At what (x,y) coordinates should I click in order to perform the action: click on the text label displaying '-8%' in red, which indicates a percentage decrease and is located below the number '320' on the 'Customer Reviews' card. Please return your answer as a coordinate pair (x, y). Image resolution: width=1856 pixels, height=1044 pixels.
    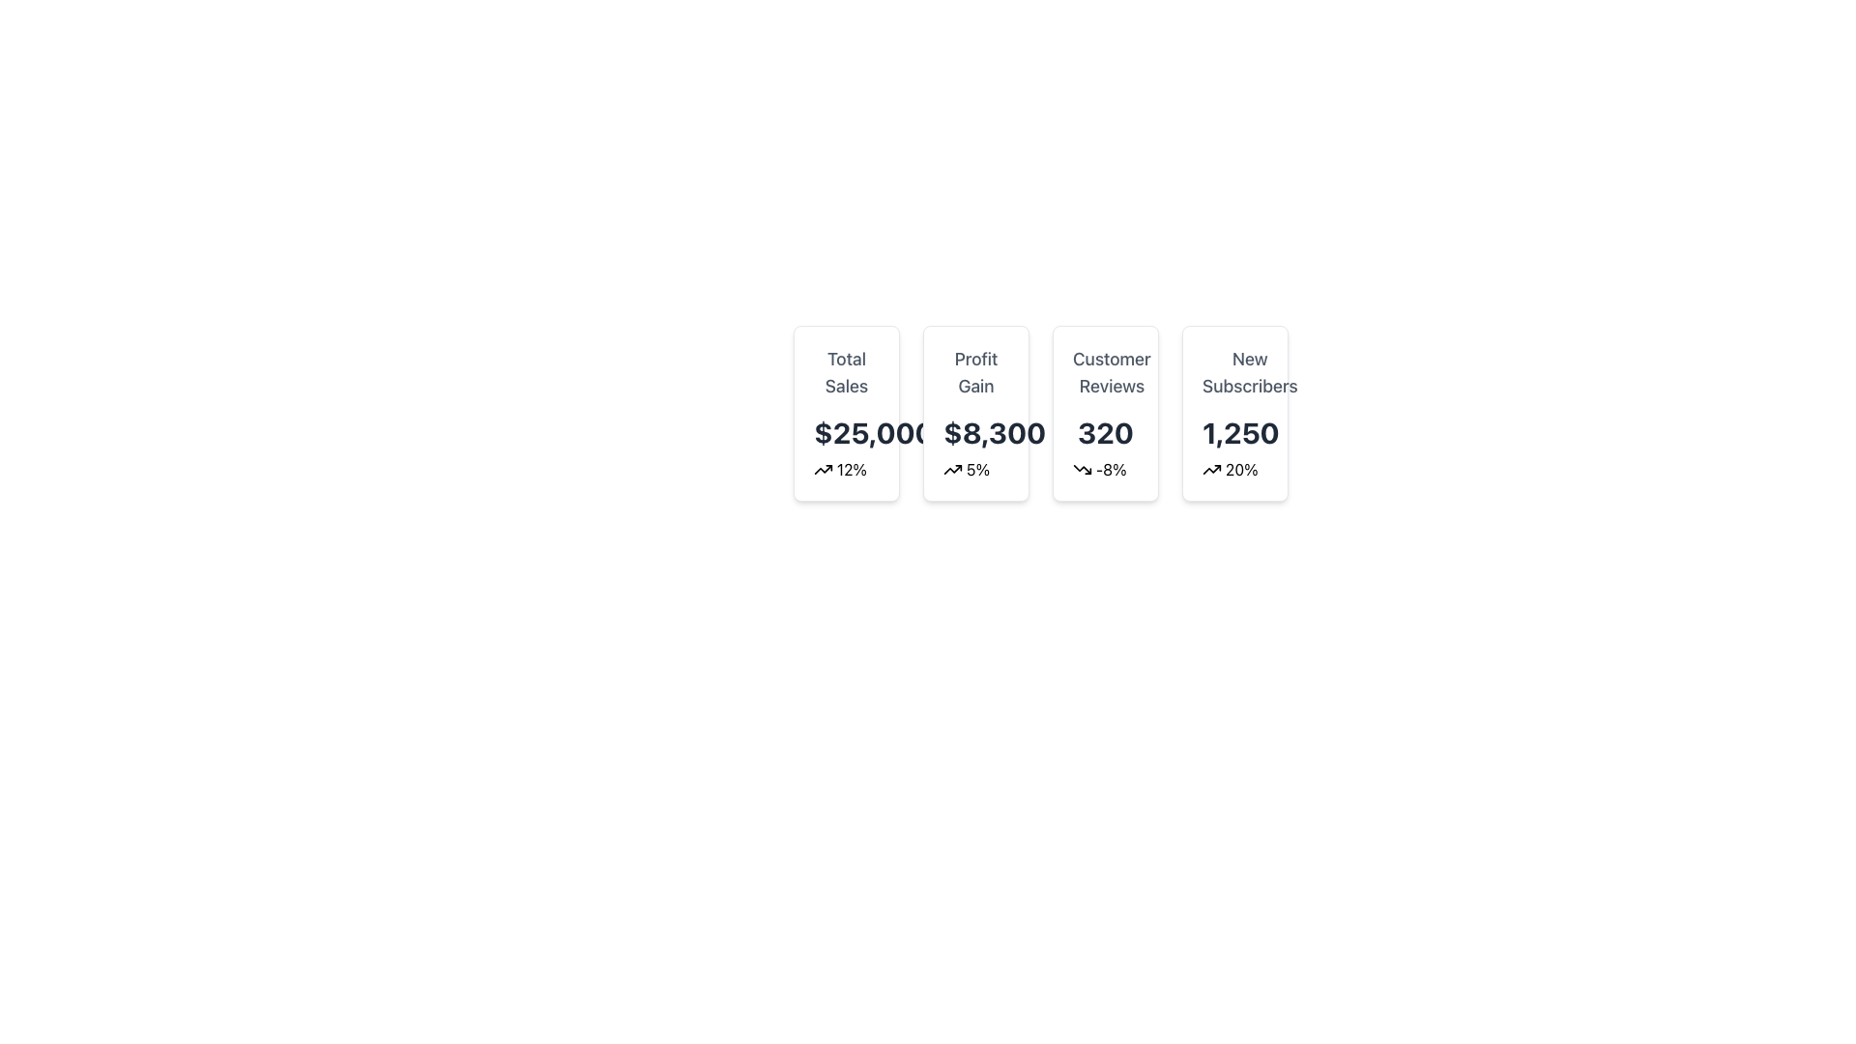
    Looking at the image, I should click on (1111, 470).